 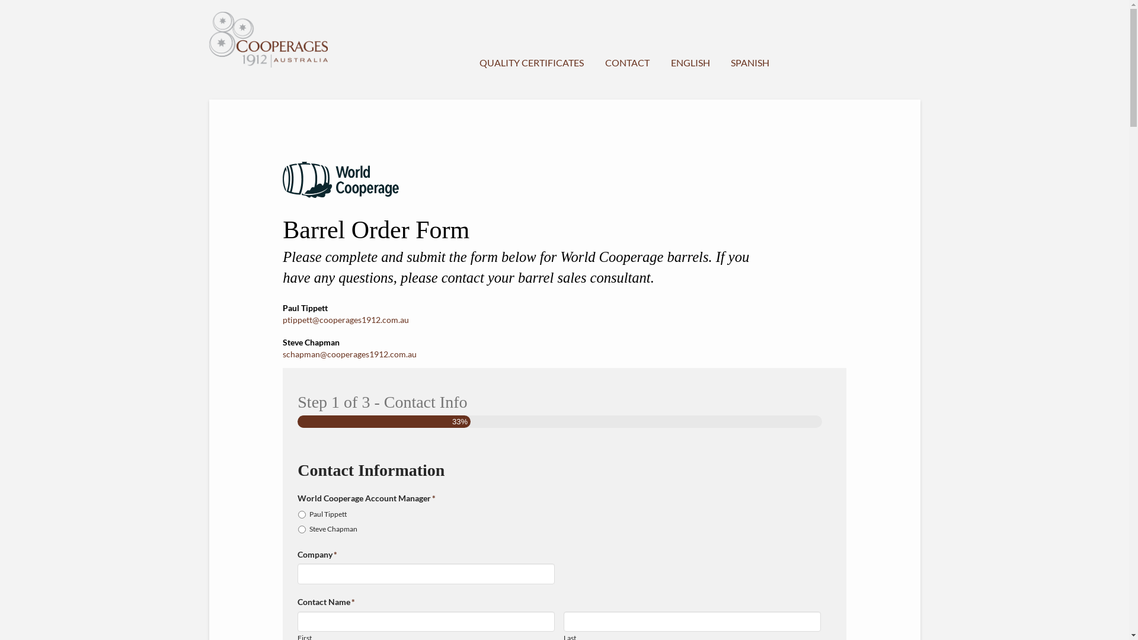 What do you see at coordinates (658, 41) in the screenshot?
I see `'ENGLISH'` at bounding box center [658, 41].